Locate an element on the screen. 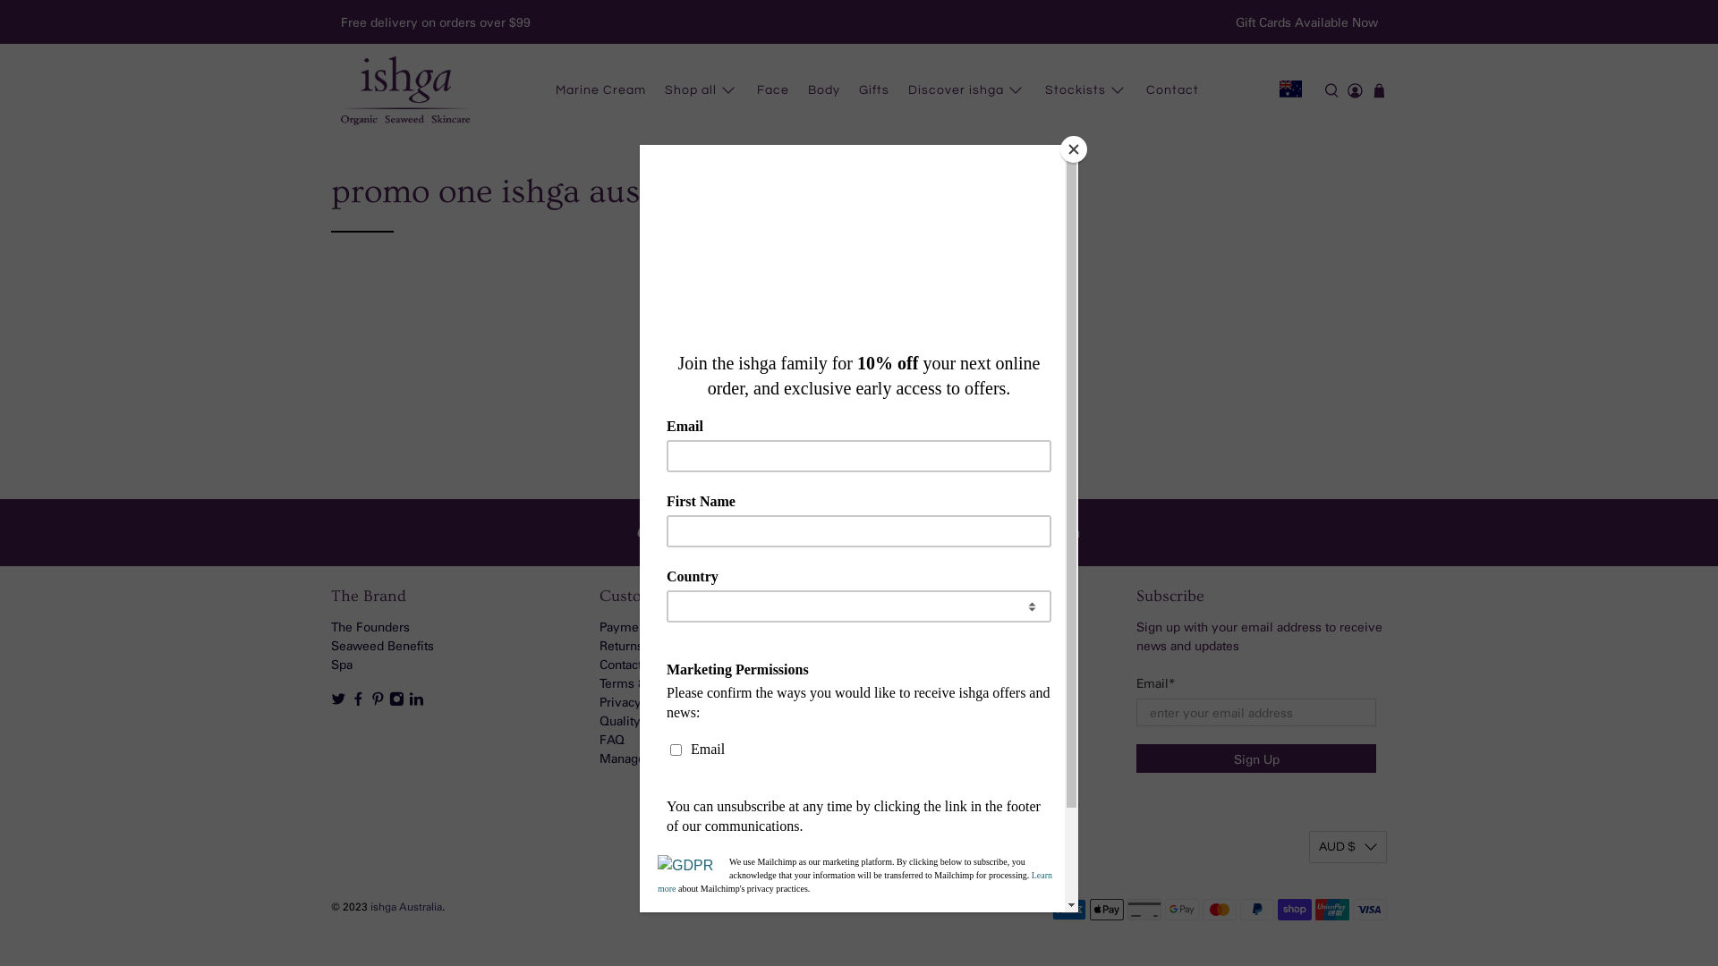  'ishga Australia on Twitter' is located at coordinates (330, 700).